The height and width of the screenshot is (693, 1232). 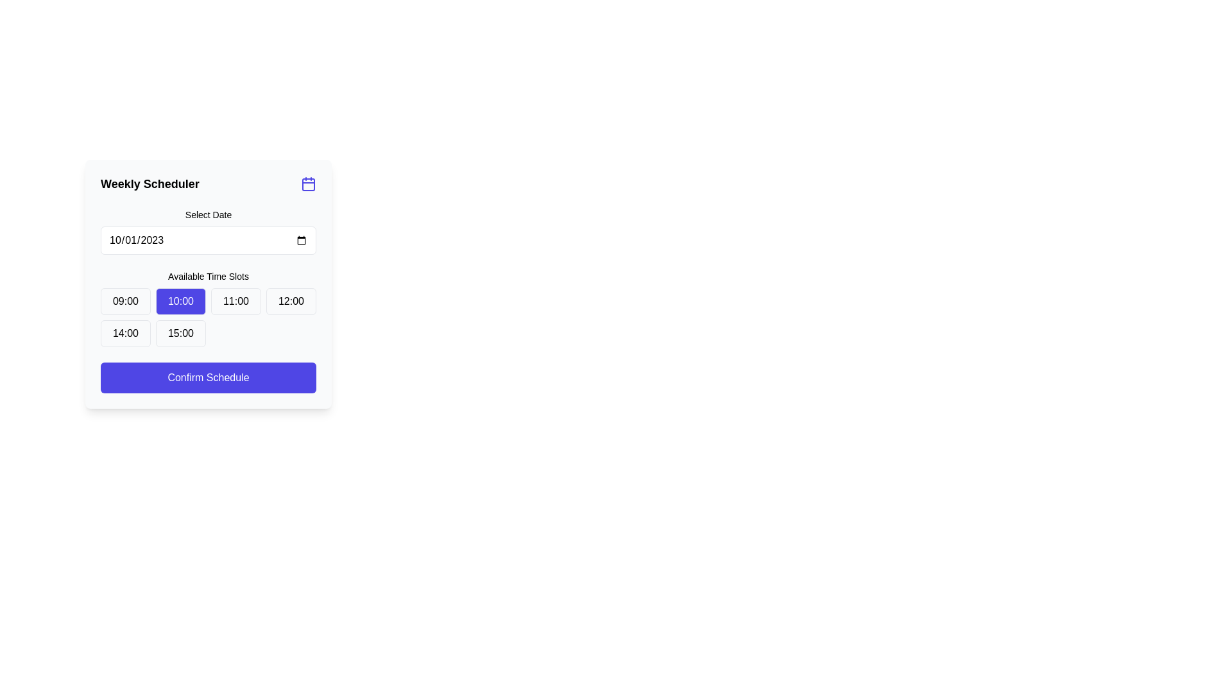 What do you see at coordinates (209, 276) in the screenshot?
I see `the text label 'Available Time Slots' which is prominently displayed as a section header above the grid of time slot options` at bounding box center [209, 276].